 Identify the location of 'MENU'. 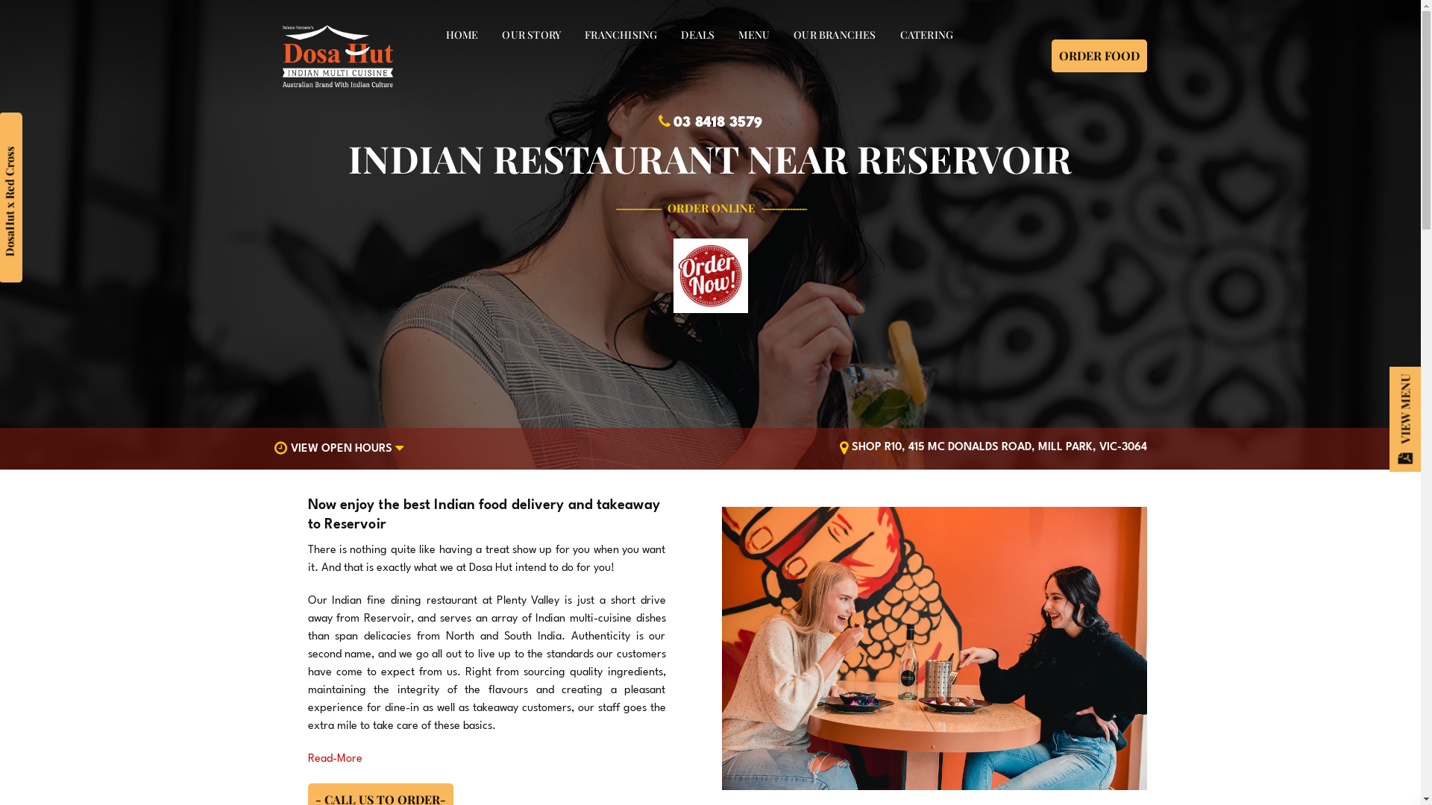
(754, 34).